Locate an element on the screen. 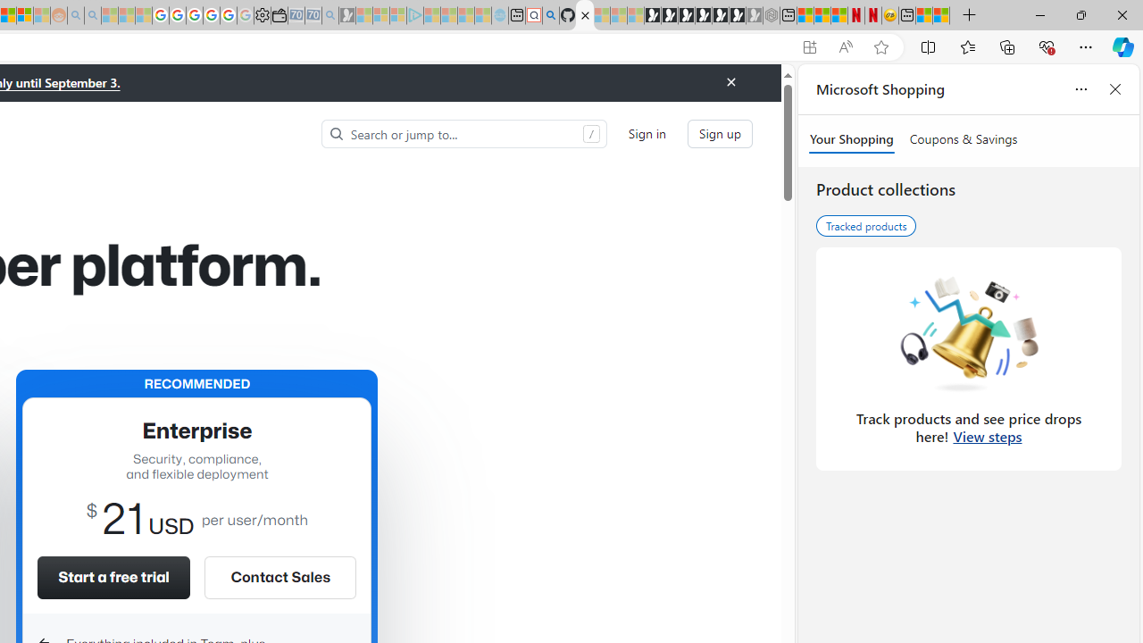 The image size is (1143, 643). 'Start a free trial' is located at coordinates (113, 577).